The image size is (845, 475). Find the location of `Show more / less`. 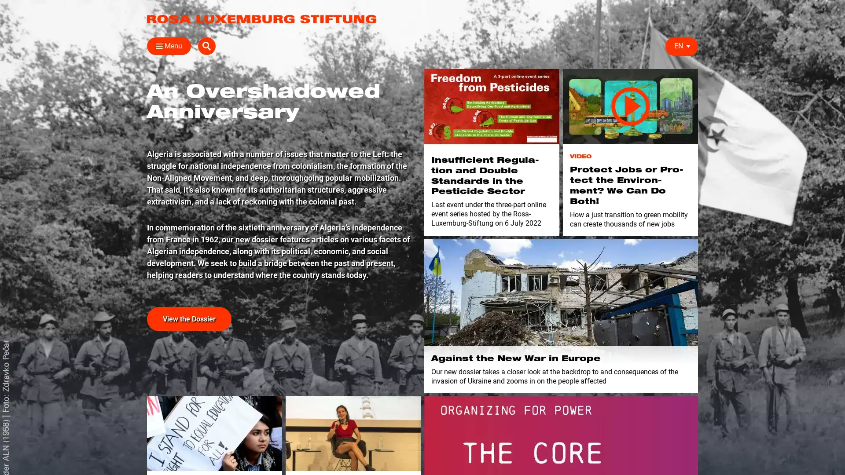

Show more / less is located at coordinates (143, 160).